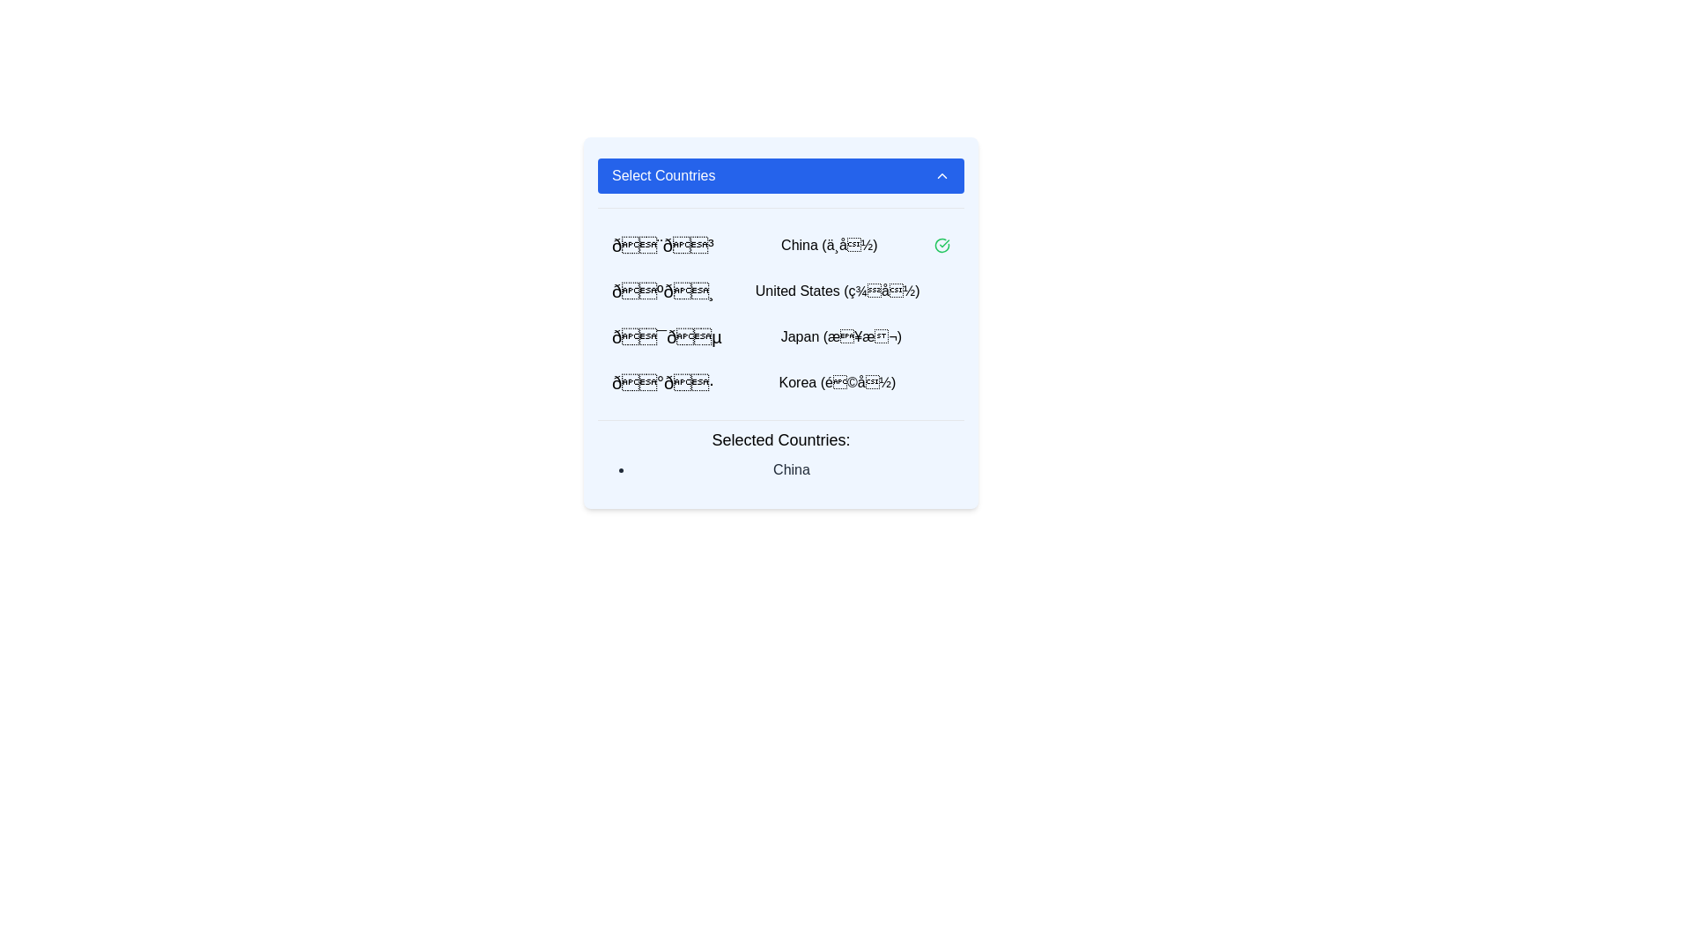 Image resolution: width=1691 pixels, height=951 pixels. What do you see at coordinates (780, 322) in the screenshot?
I see `the highlighted list item in the dropdown component that displays selectable countries with flags and names` at bounding box center [780, 322].